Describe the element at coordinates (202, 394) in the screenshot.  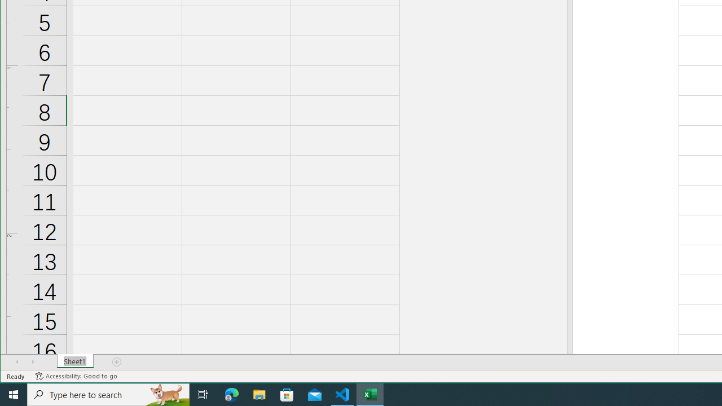
I see `'Task View'` at that location.